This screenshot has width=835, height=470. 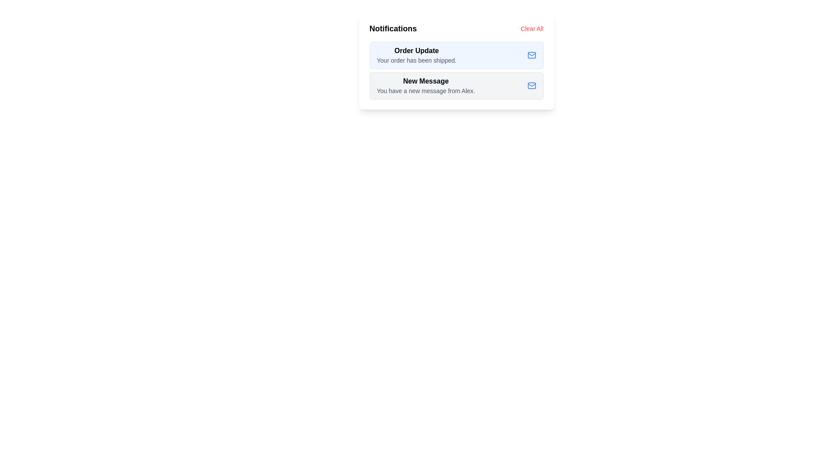 I want to click on the envelope icon with a blue outline located in the top-right corner of the 'New Message' notification box within the Notifications component, so click(x=531, y=85).